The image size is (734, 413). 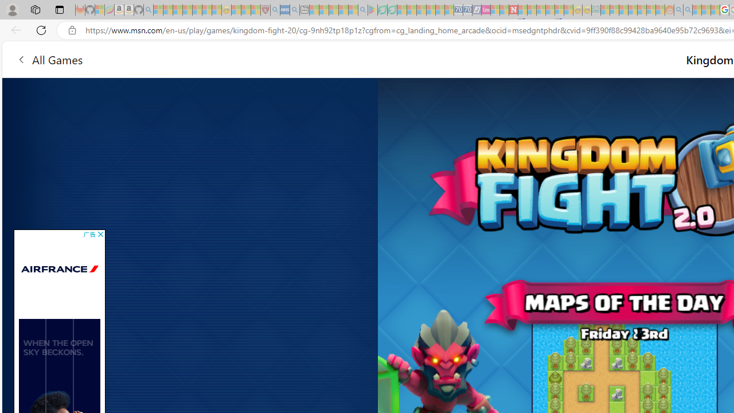 I want to click on 'DITOGAMES AG Imprint - Sleeping', so click(x=596, y=10).